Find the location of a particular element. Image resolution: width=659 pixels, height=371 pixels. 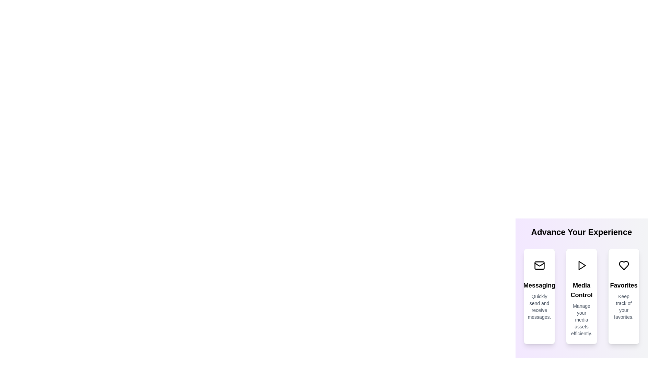

the text label that reads 'Quickly send and receive messages.', which is styled in gray color and located below the heading 'Messaging' in the leftmost card is located at coordinates (539, 306).